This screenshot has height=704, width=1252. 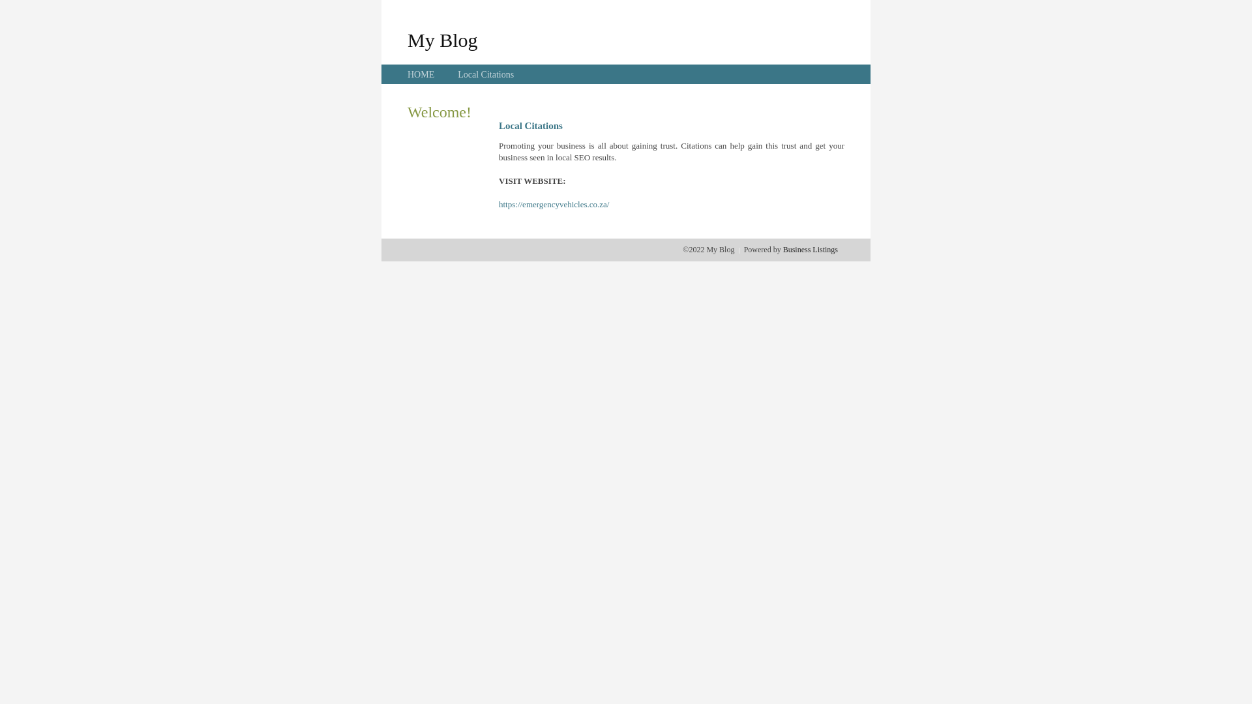 What do you see at coordinates (810, 249) in the screenshot?
I see `'Business Listings'` at bounding box center [810, 249].